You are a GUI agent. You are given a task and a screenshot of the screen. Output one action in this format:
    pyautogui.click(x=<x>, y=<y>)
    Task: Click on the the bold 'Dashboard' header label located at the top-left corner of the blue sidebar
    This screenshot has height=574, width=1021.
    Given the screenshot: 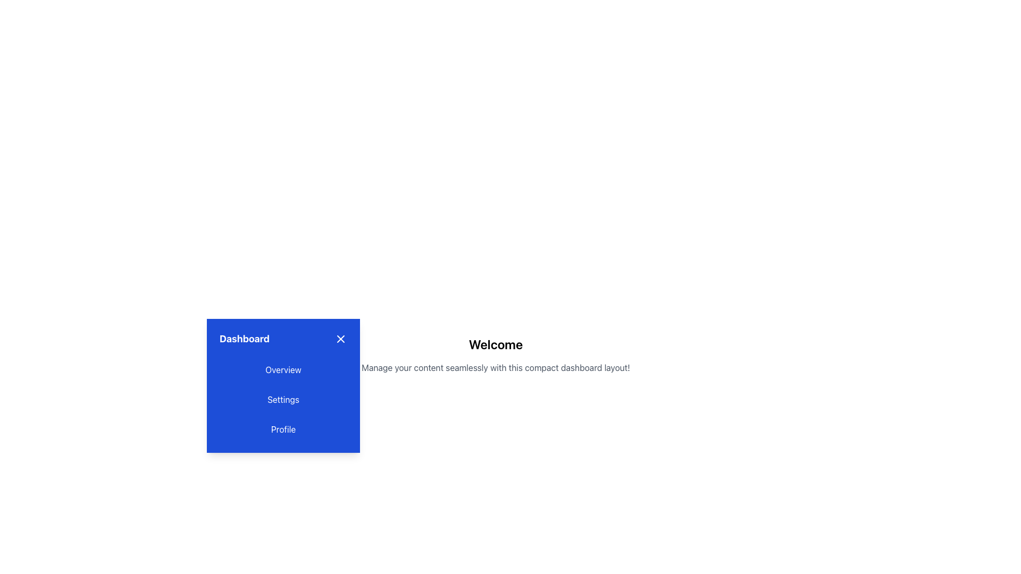 What is the action you would take?
    pyautogui.click(x=244, y=339)
    